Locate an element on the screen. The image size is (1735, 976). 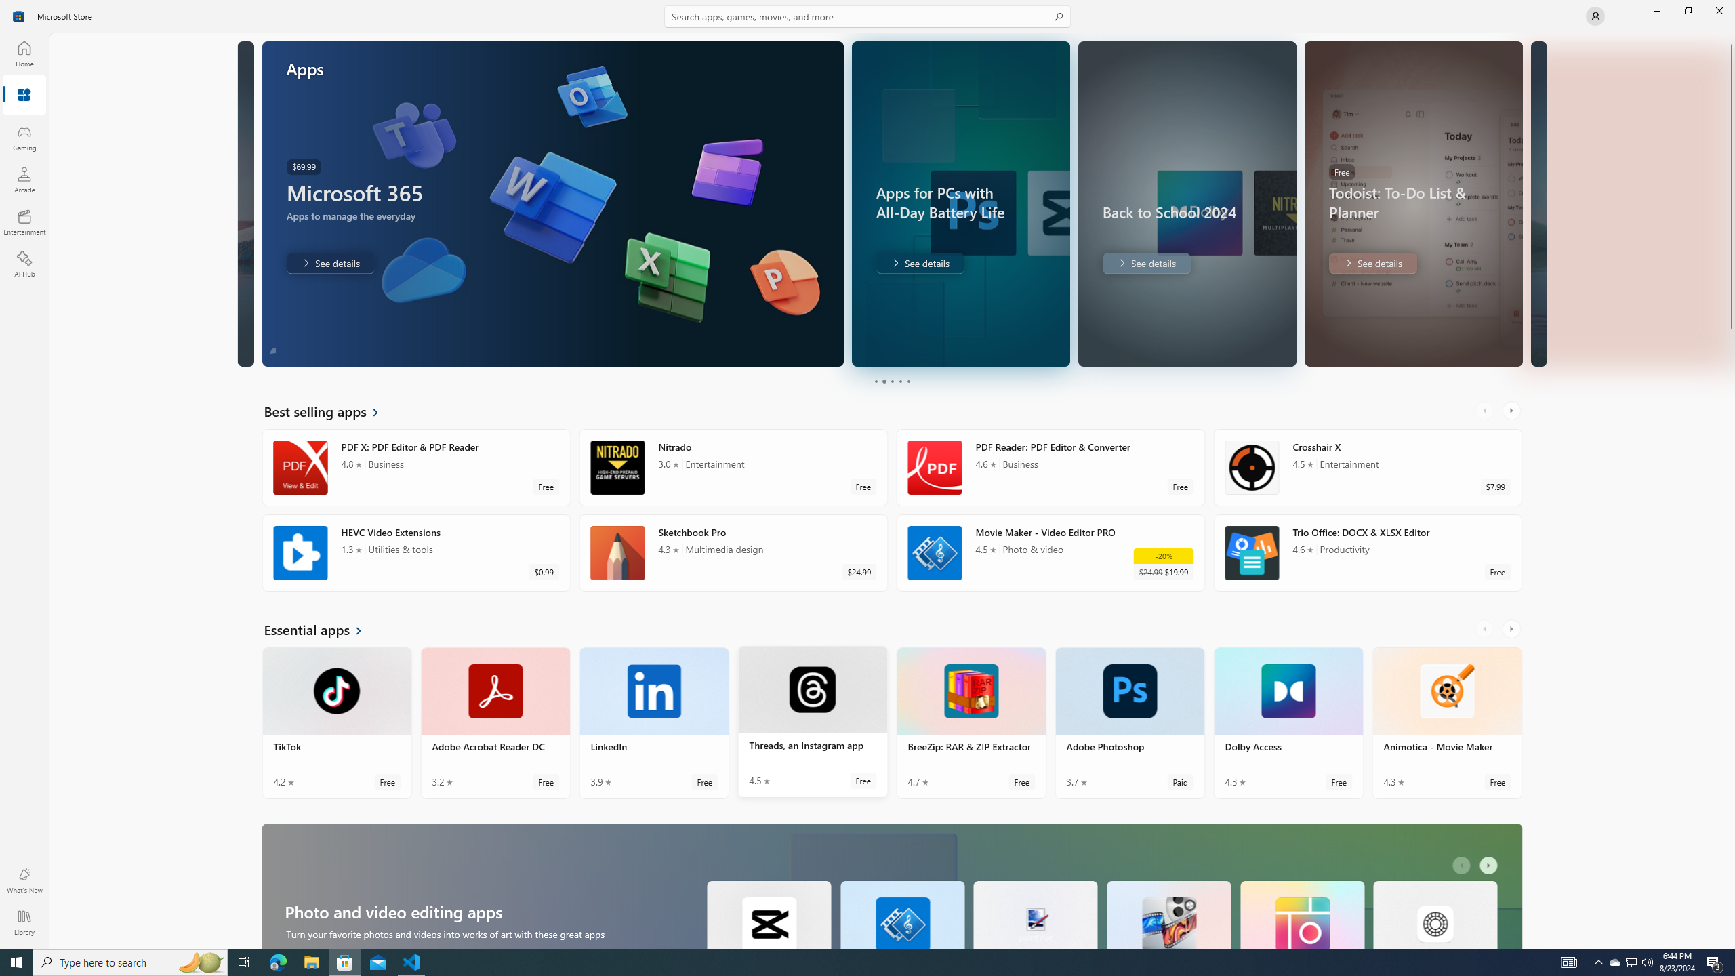
'Vertical Small Decrease' is located at coordinates (1730, 37).